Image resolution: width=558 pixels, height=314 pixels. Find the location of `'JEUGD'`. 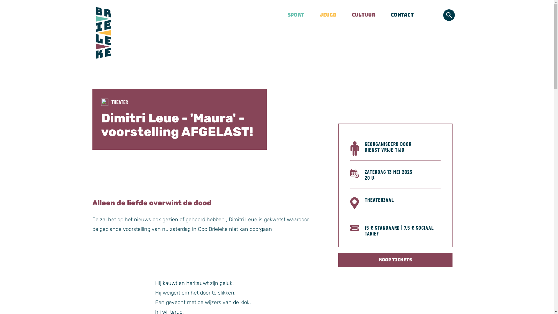

'JEUGD' is located at coordinates (324, 15).